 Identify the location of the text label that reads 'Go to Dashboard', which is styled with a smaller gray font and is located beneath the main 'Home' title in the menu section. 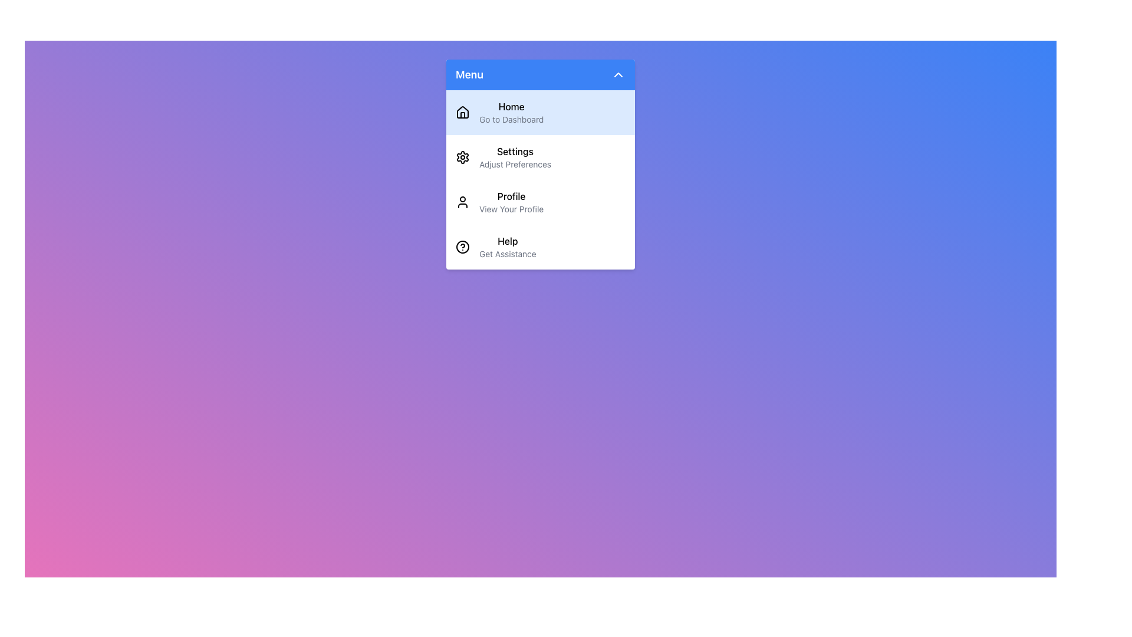
(511, 120).